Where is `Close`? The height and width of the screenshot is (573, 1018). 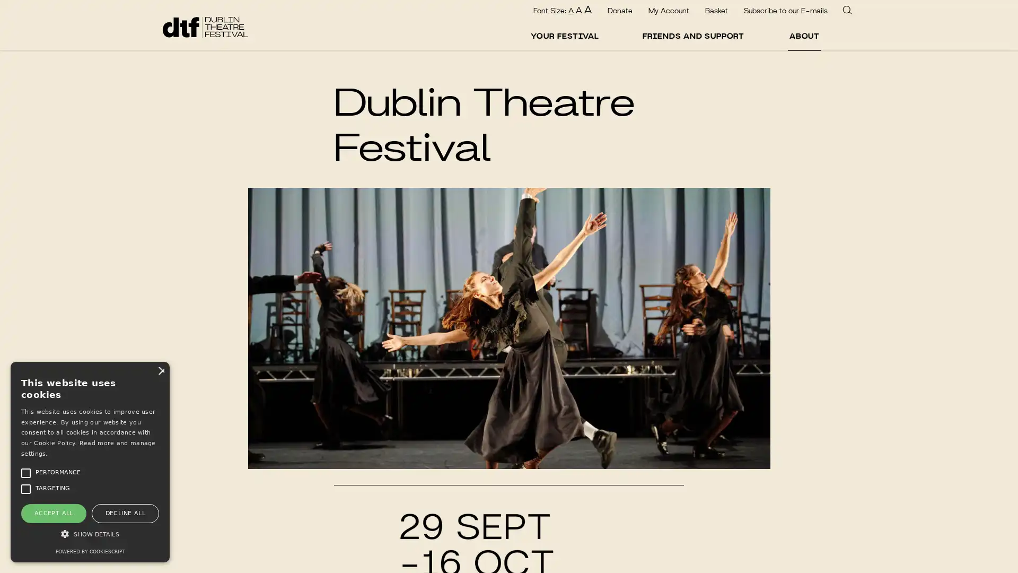
Close is located at coordinates (160, 370).